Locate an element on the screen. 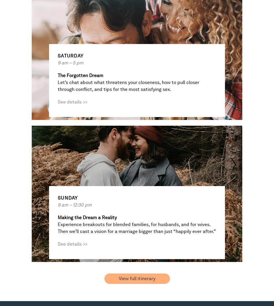 The height and width of the screenshot is (306, 274). 'Making the Dream a Reality' is located at coordinates (87, 217).